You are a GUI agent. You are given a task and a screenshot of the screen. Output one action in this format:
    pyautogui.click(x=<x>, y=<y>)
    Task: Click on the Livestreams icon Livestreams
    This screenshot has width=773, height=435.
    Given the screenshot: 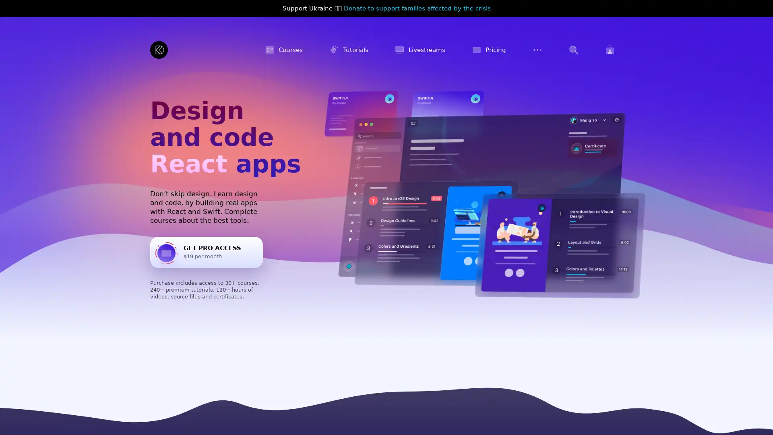 What is the action you would take?
    pyautogui.click(x=420, y=50)
    